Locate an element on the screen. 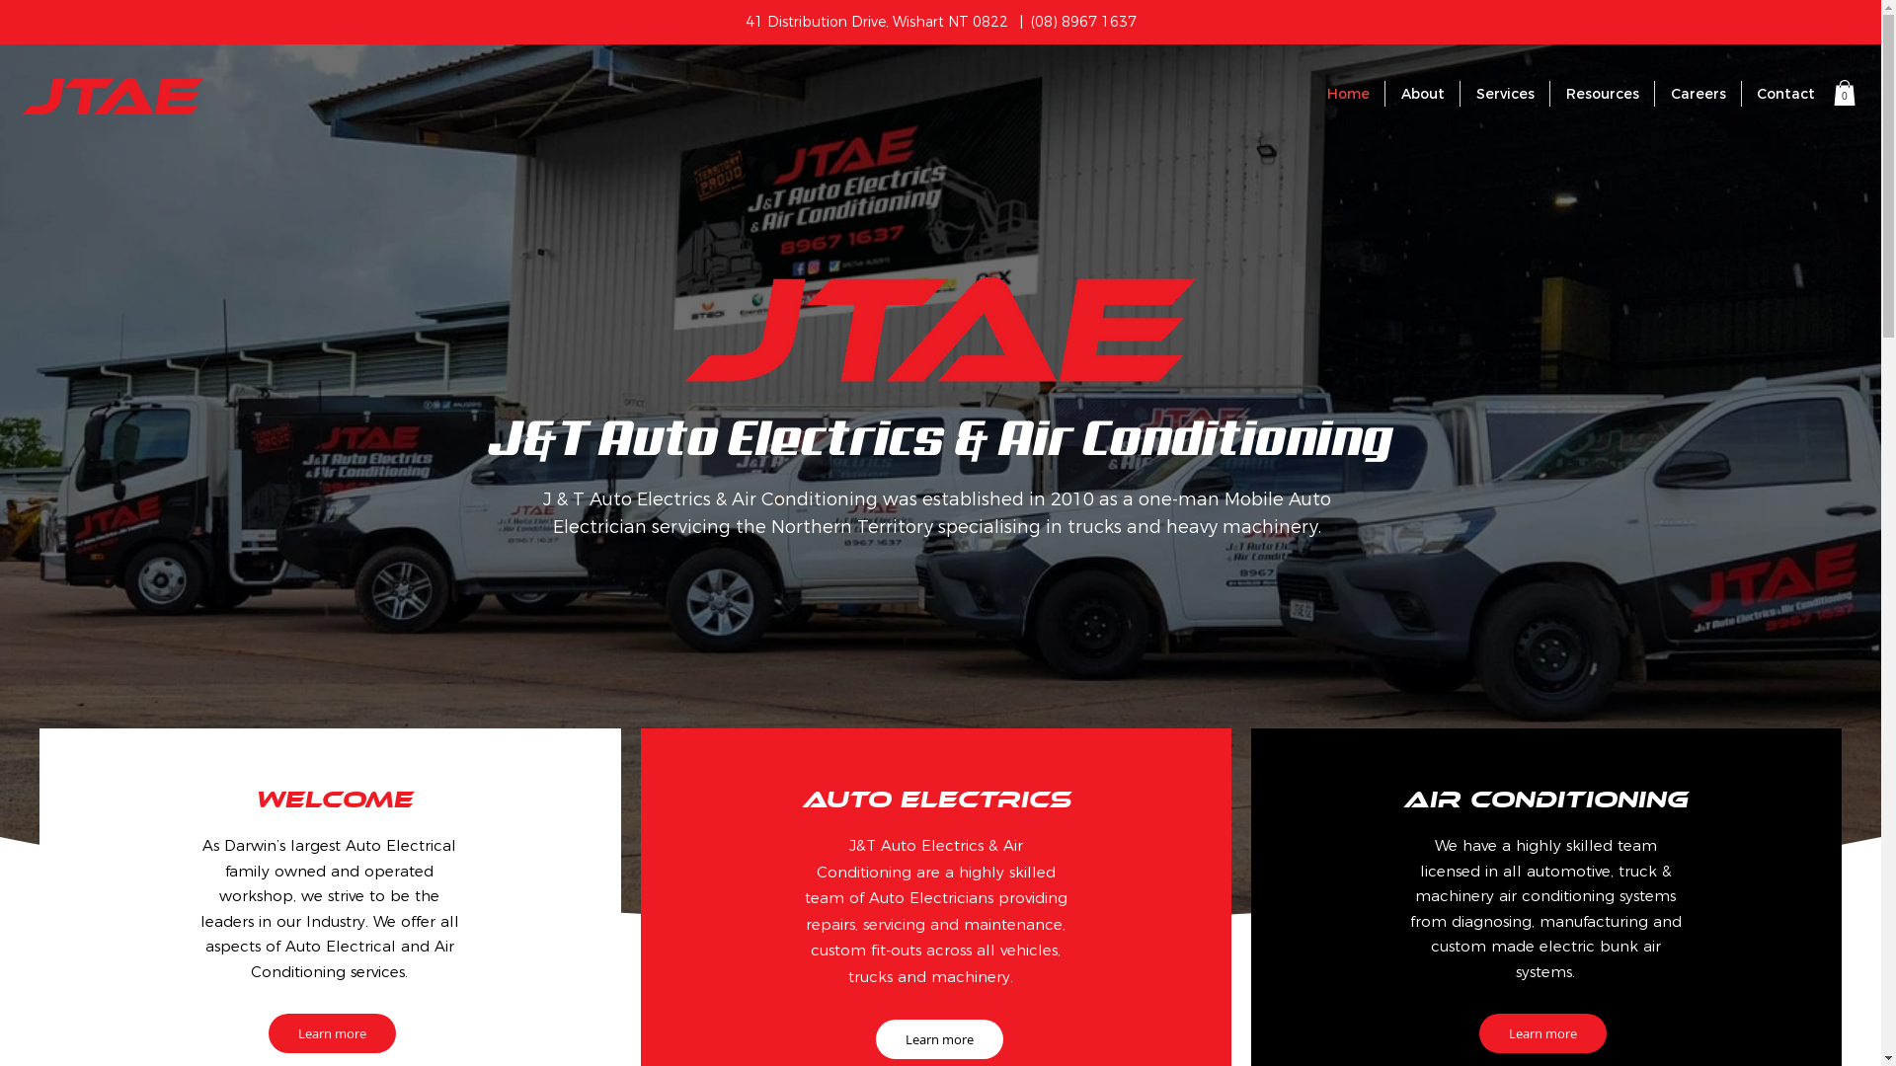 The image size is (1896, 1066). '41 Distribution Drive, Wishart NT 0822 ' is located at coordinates (743, 22).